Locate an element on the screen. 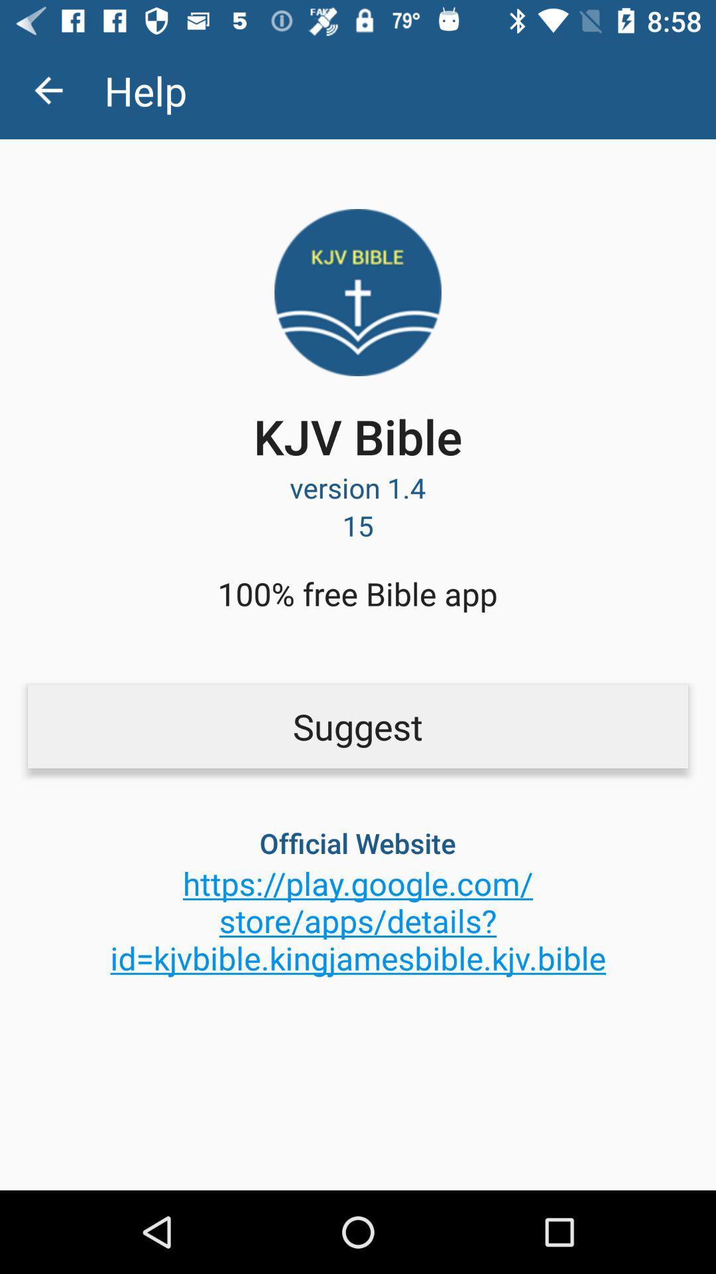 This screenshot has height=1274, width=716. icon below official website item is located at coordinates (358, 920).